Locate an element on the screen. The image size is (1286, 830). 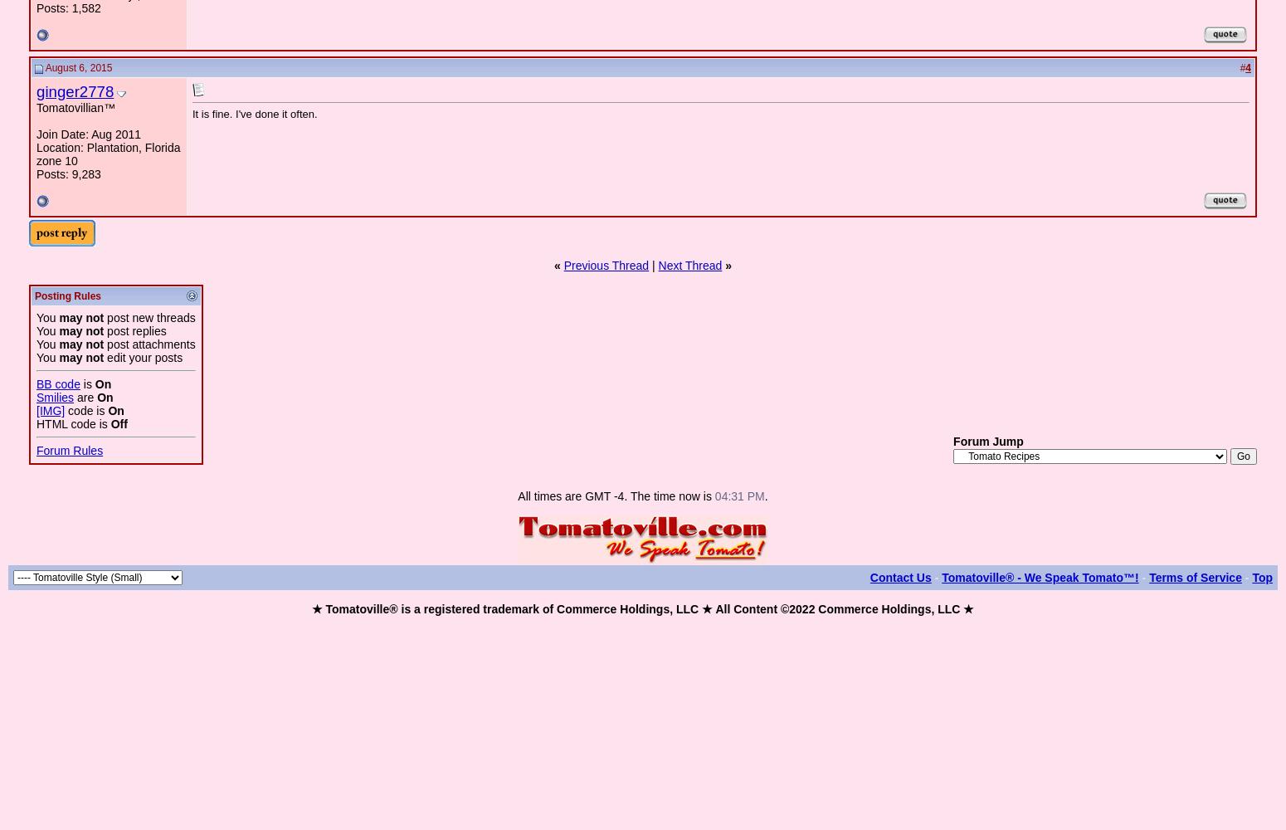
'Location: Plantation, Florida zone 10' is located at coordinates (108, 154).